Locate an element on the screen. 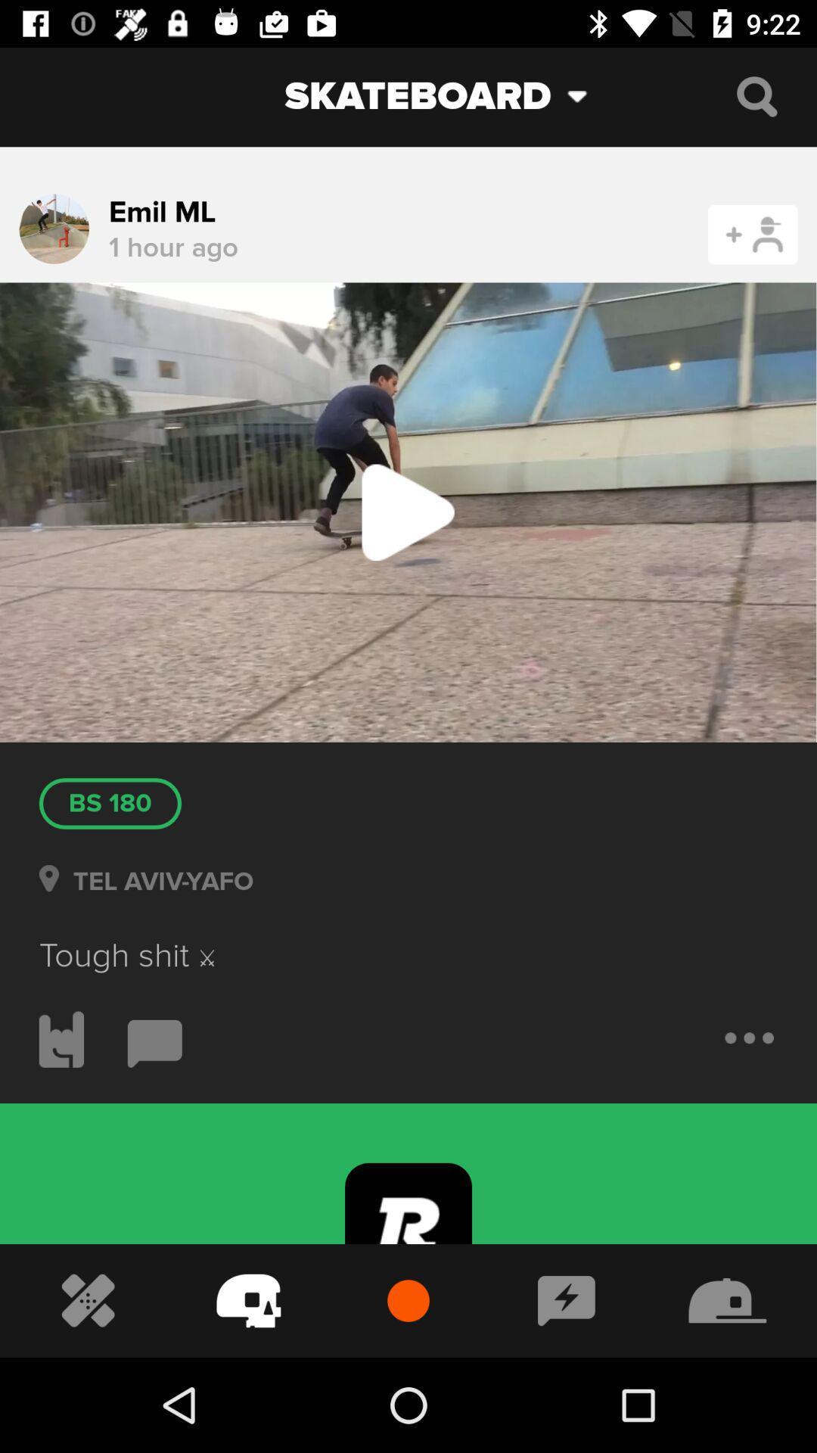 The image size is (817, 1453). the search icon is located at coordinates (756, 95).